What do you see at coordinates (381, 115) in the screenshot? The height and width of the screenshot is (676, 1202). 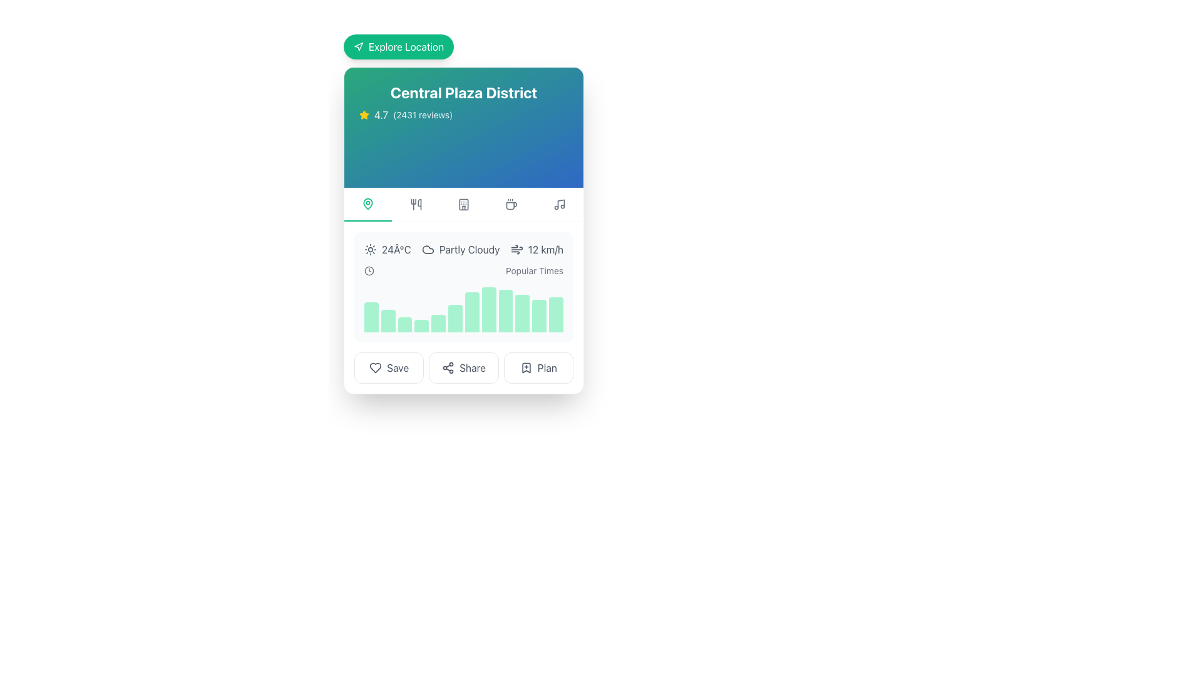 I see `the static text element that visually represents a numerical rating score, located between the yellow star icon and the review count text '(2431 reviews)' within the card element` at bounding box center [381, 115].